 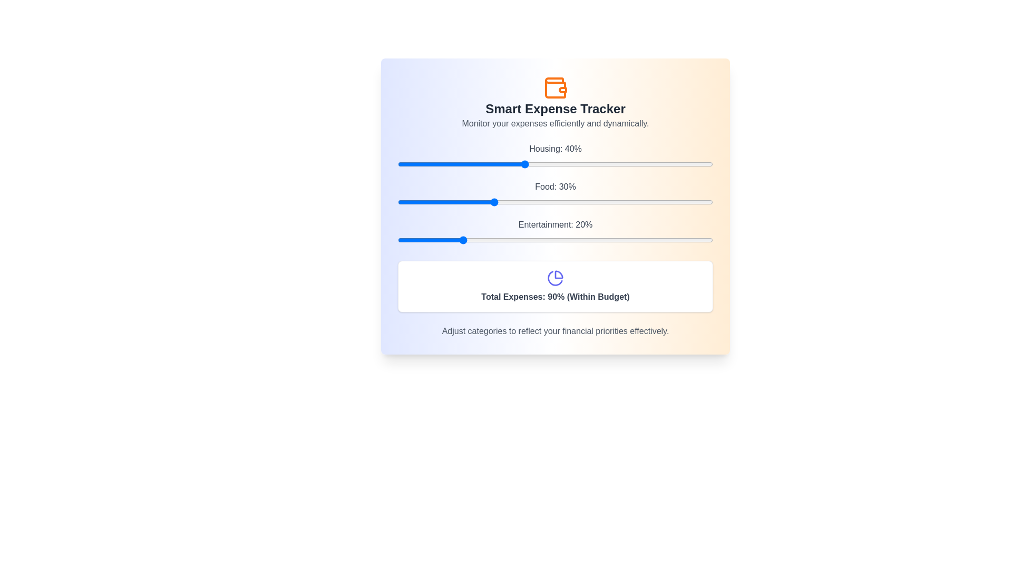 I want to click on the Food slider to set its value to 50%, so click(x=555, y=202).